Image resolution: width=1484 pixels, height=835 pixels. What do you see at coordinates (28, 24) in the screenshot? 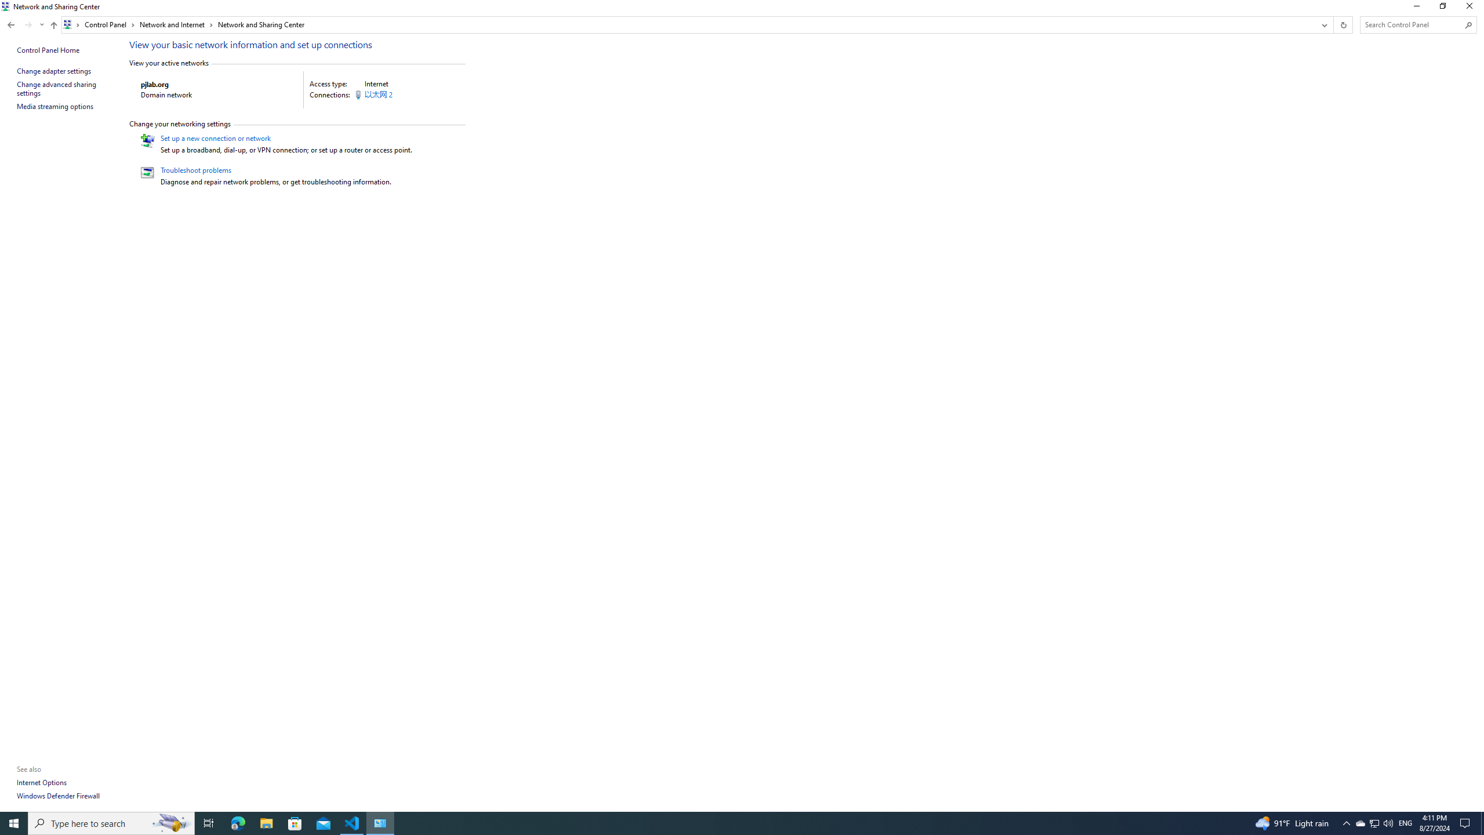
I see `'Forward (Alt + Right Arrow)'` at bounding box center [28, 24].